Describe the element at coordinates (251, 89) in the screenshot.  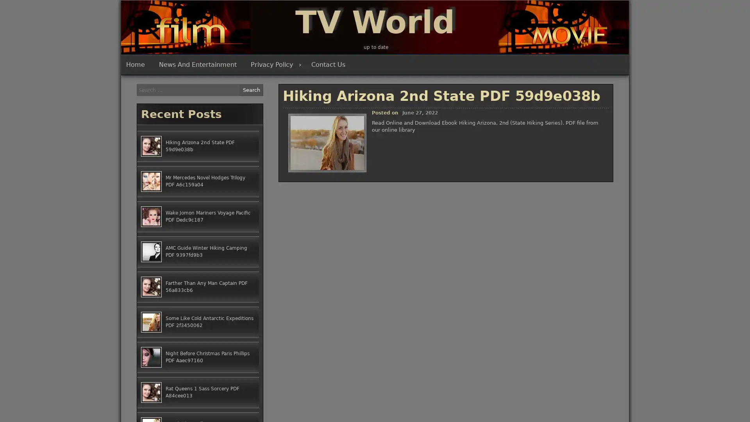
I see `Search` at that location.